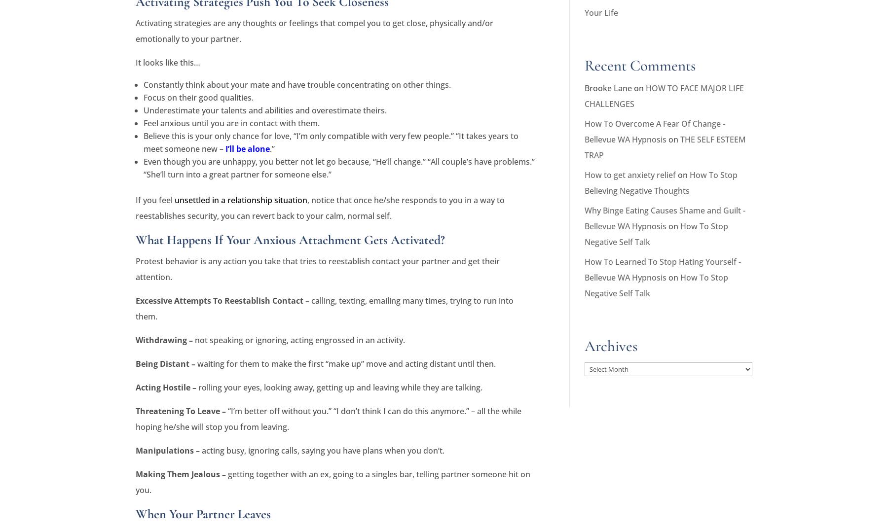 The height and width of the screenshot is (530, 888). Describe the element at coordinates (135, 240) in the screenshot. I see `'What Happens If Your Anxious Attachment Gets Activated?'` at that location.